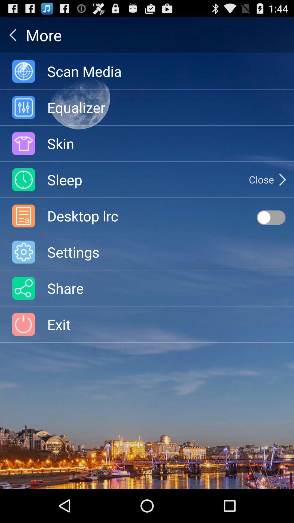  Describe the element at coordinates (271, 217) in the screenshot. I see `item next to the desktop lrc` at that location.